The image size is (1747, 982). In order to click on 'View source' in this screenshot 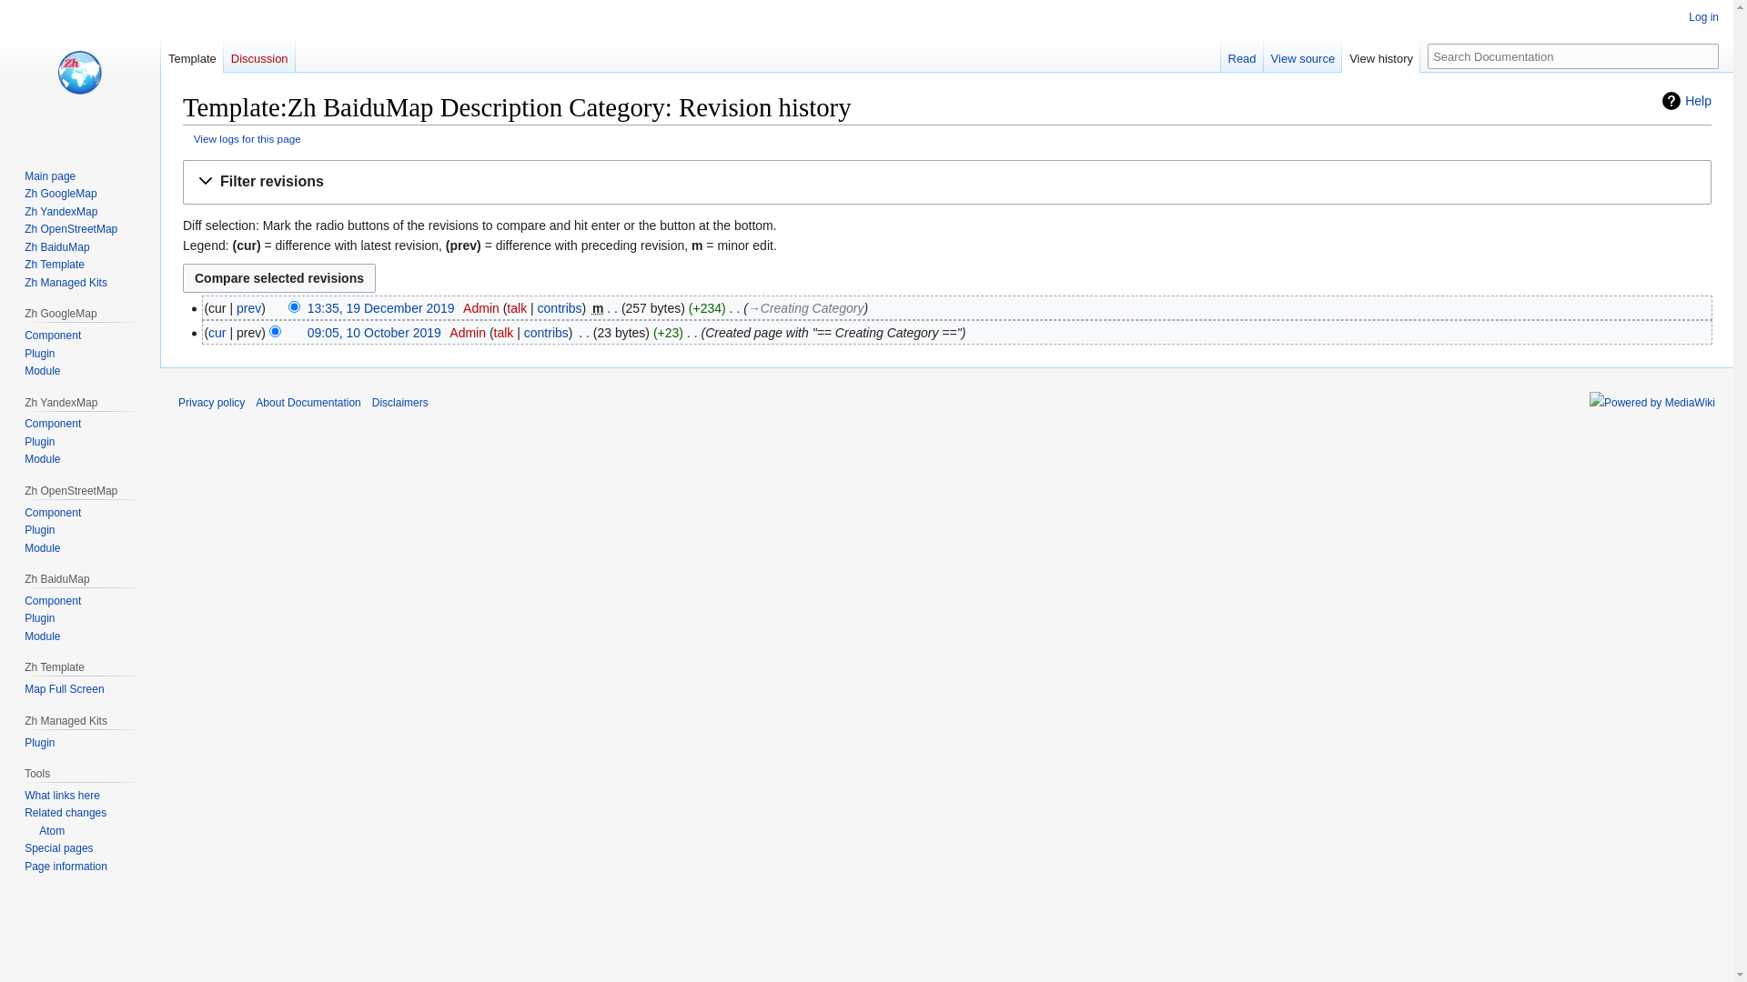, I will do `click(1302, 54)`.